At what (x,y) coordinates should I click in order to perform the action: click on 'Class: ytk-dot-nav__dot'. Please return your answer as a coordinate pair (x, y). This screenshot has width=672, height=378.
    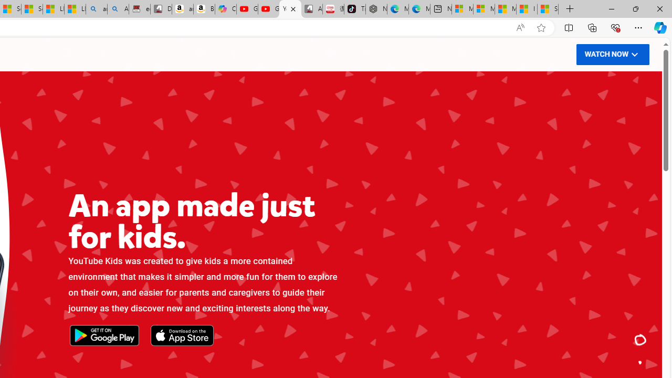
    Looking at the image, I should click on (639, 362).